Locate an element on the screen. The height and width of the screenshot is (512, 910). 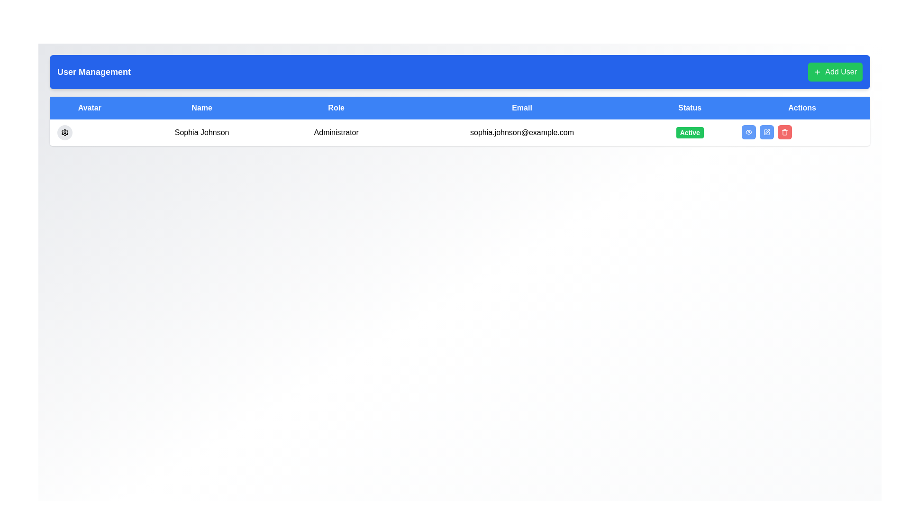
the blue button with rounded corners and a pen icon is located at coordinates (767, 132).